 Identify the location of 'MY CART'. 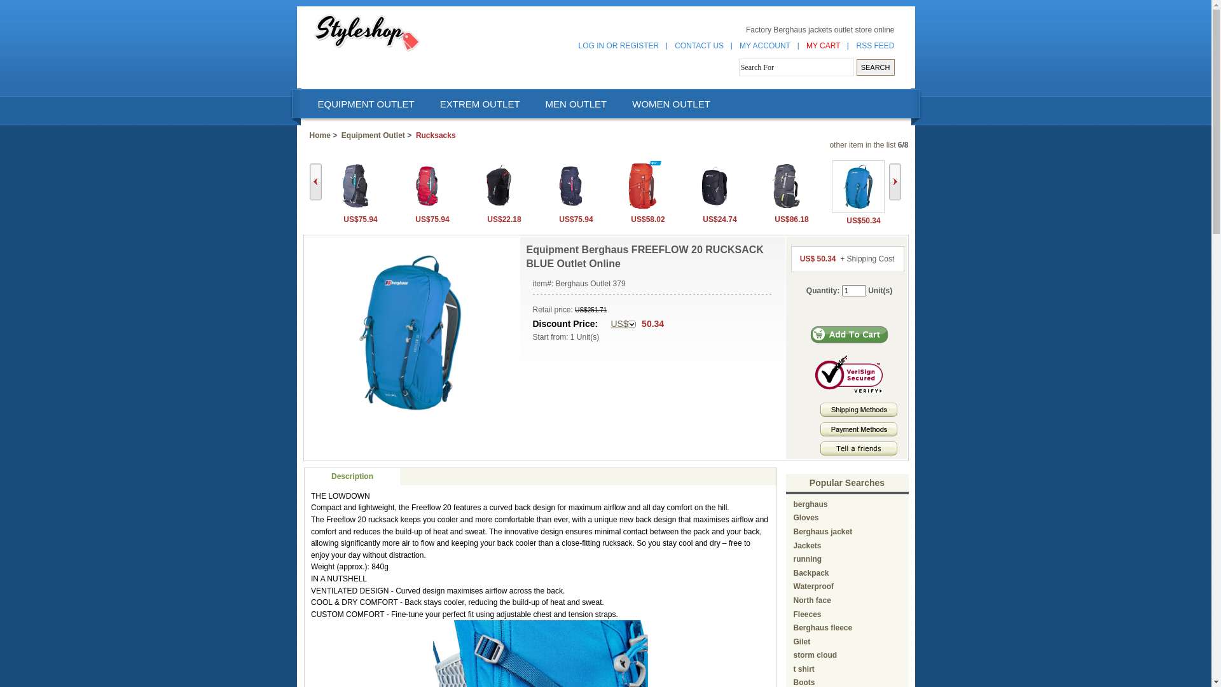
(805, 45).